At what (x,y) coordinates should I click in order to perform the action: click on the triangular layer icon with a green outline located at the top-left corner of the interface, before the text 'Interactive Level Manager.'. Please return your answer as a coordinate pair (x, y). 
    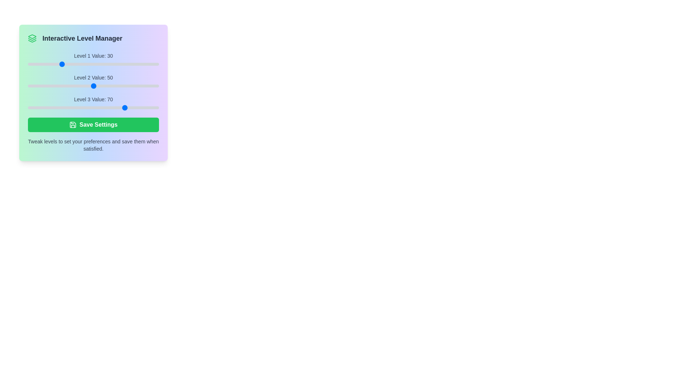
    Looking at the image, I should click on (32, 36).